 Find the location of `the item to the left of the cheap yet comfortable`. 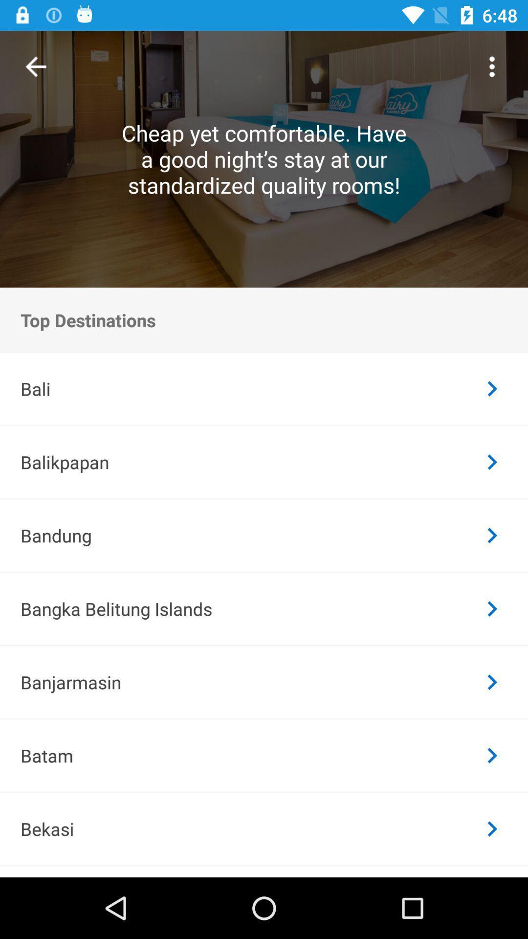

the item to the left of the cheap yet comfortable is located at coordinates (35, 66).